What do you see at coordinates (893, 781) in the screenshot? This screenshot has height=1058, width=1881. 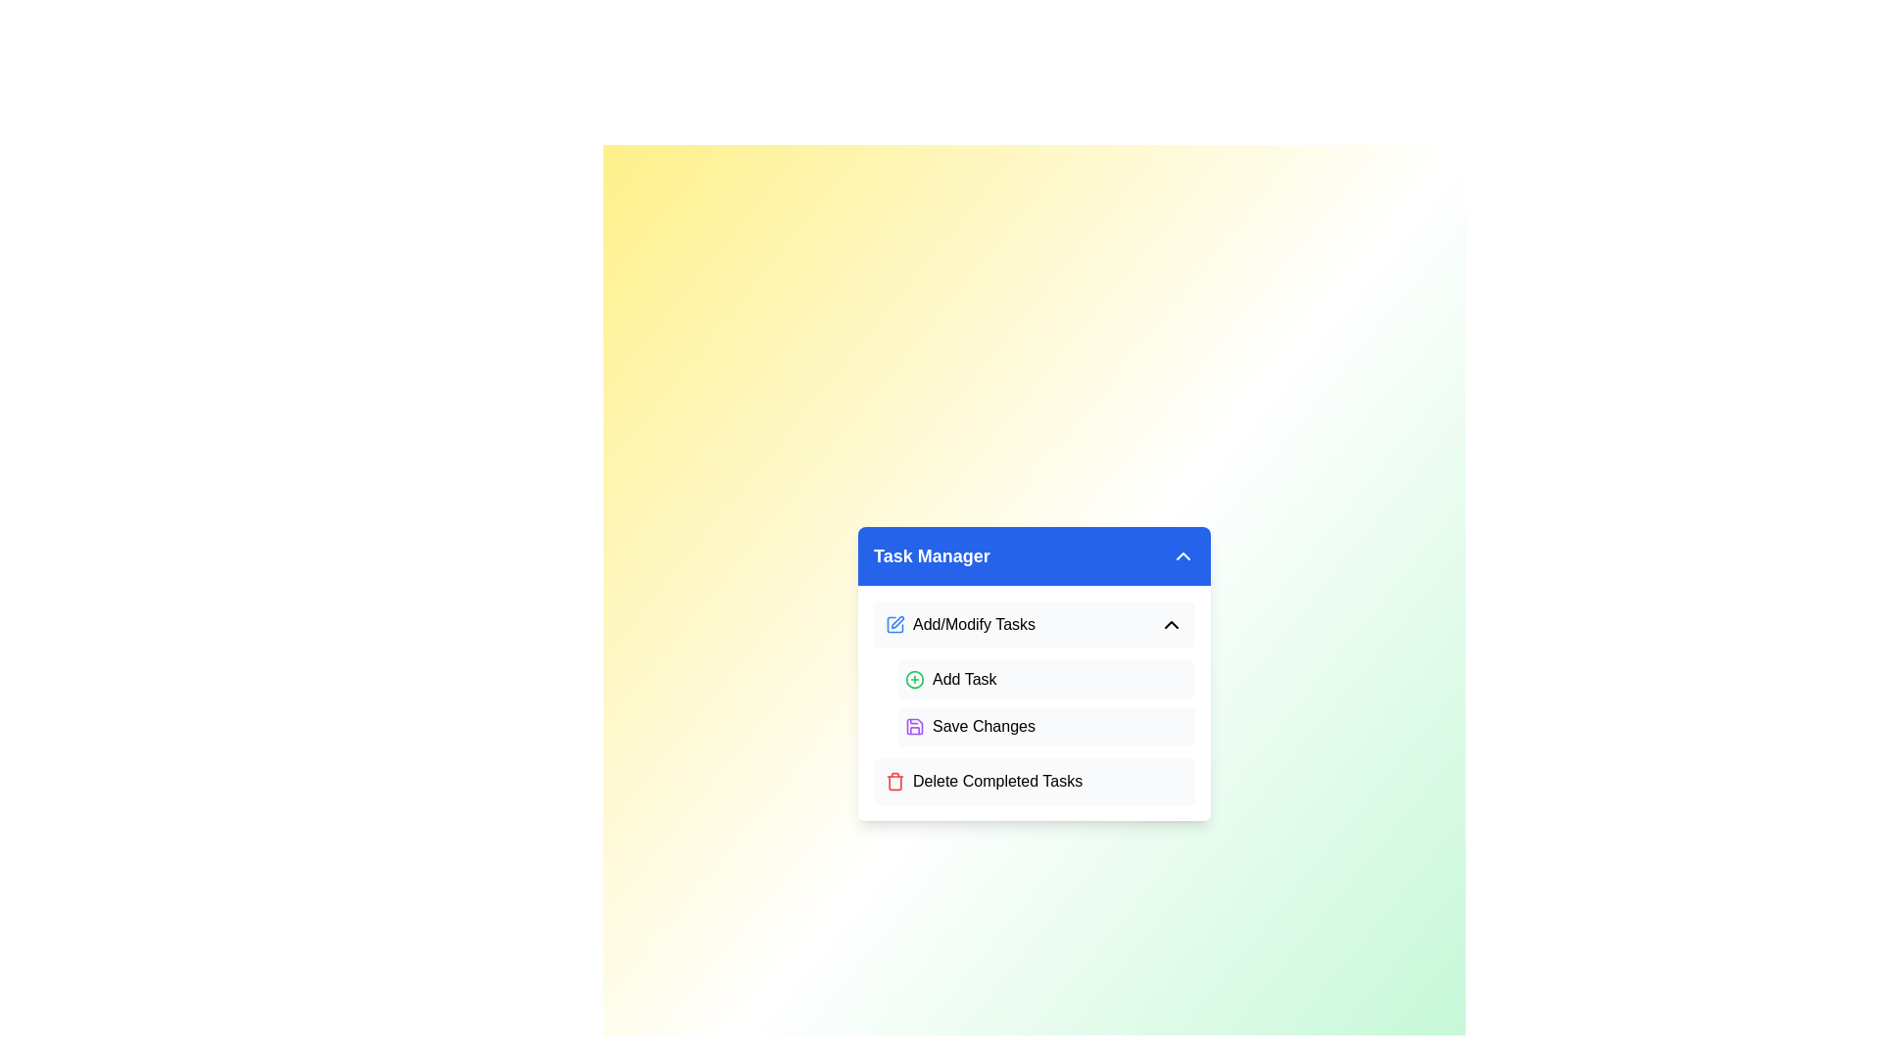 I see `the delete icon in the 'Delete Completed Tasks' entry of the 'Task Manager' panel` at bounding box center [893, 781].